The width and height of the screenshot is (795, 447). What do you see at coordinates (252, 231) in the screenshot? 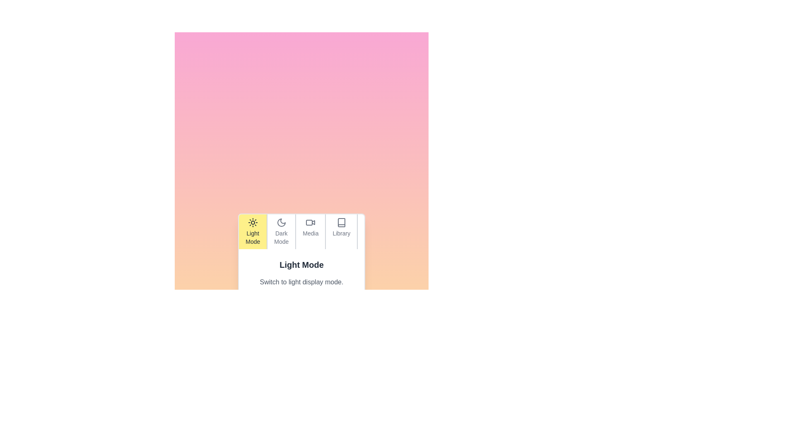
I see `the tab labeled Light Mode` at bounding box center [252, 231].